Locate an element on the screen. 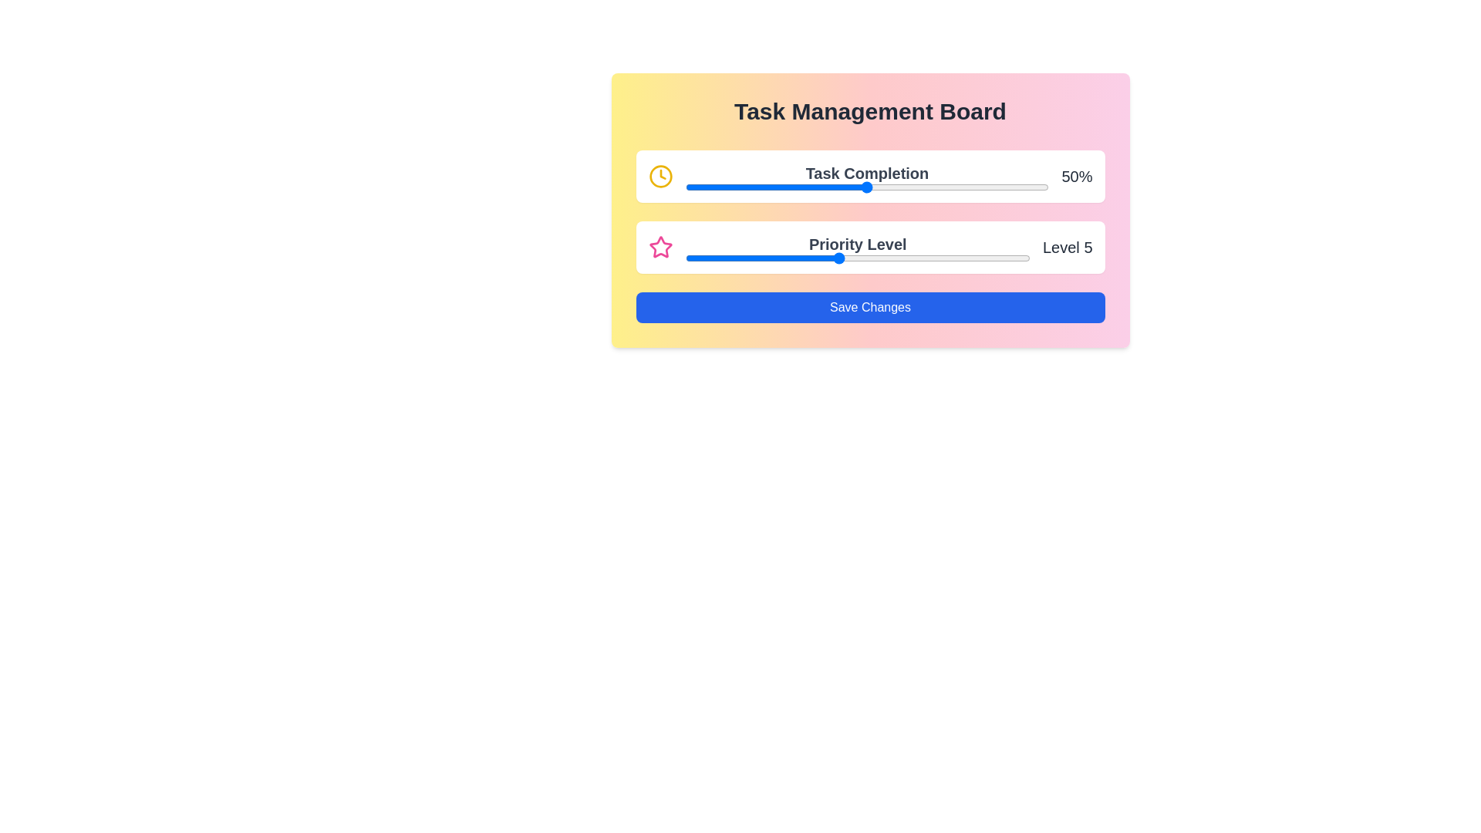 This screenshot has width=1481, height=833. the task completion slider is located at coordinates (695, 187).